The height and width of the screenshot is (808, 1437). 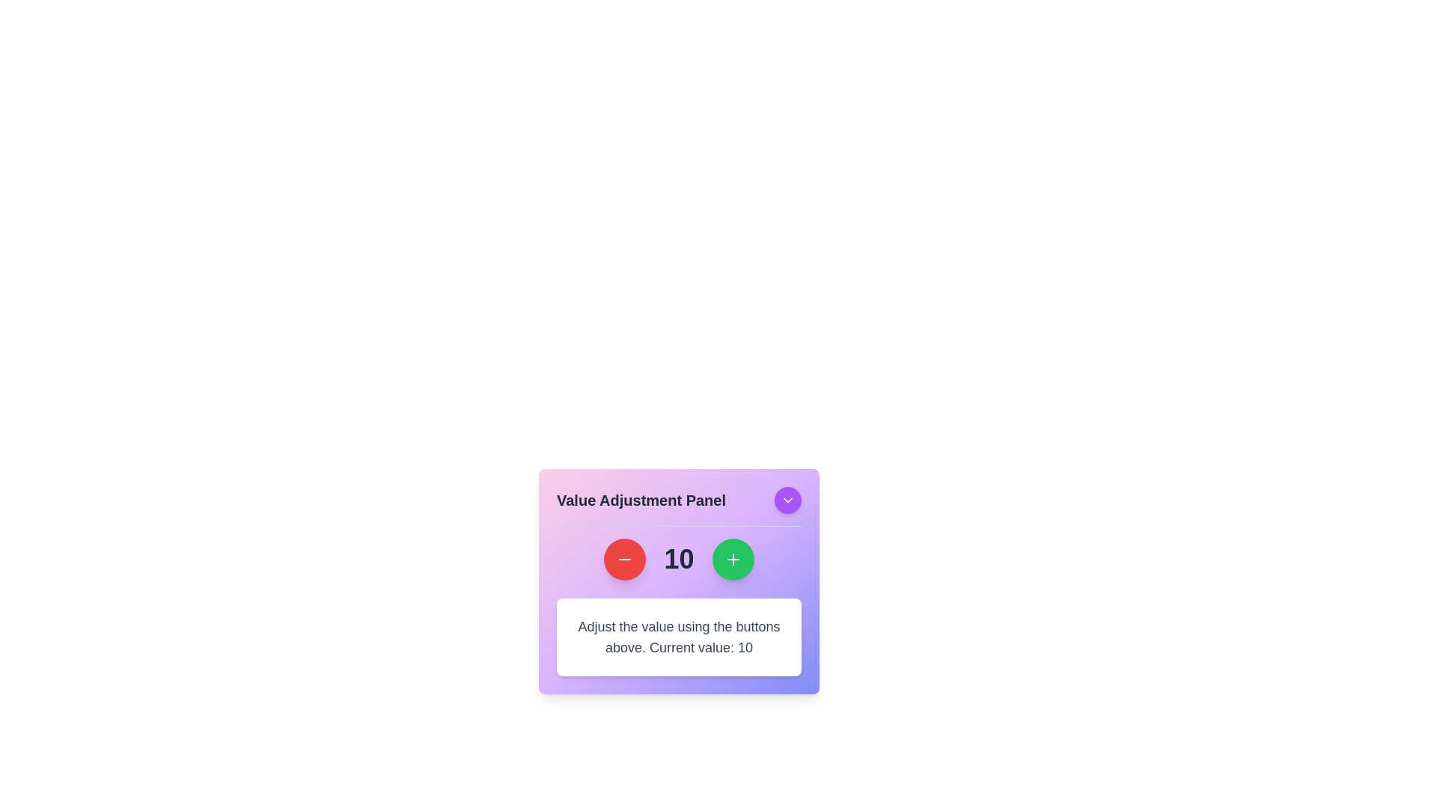 What do you see at coordinates (733, 560) in the screenshot?
I see `the green circular button with a white cross icon at its center to increment the value in the 'Value Adjustment Panel'` at bounding box center [733, 560].